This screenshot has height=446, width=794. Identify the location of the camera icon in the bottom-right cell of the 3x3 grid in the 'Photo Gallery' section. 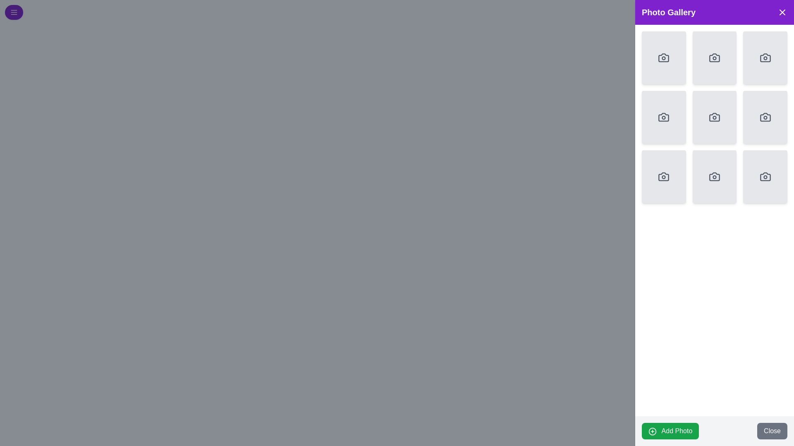
(765, 176).